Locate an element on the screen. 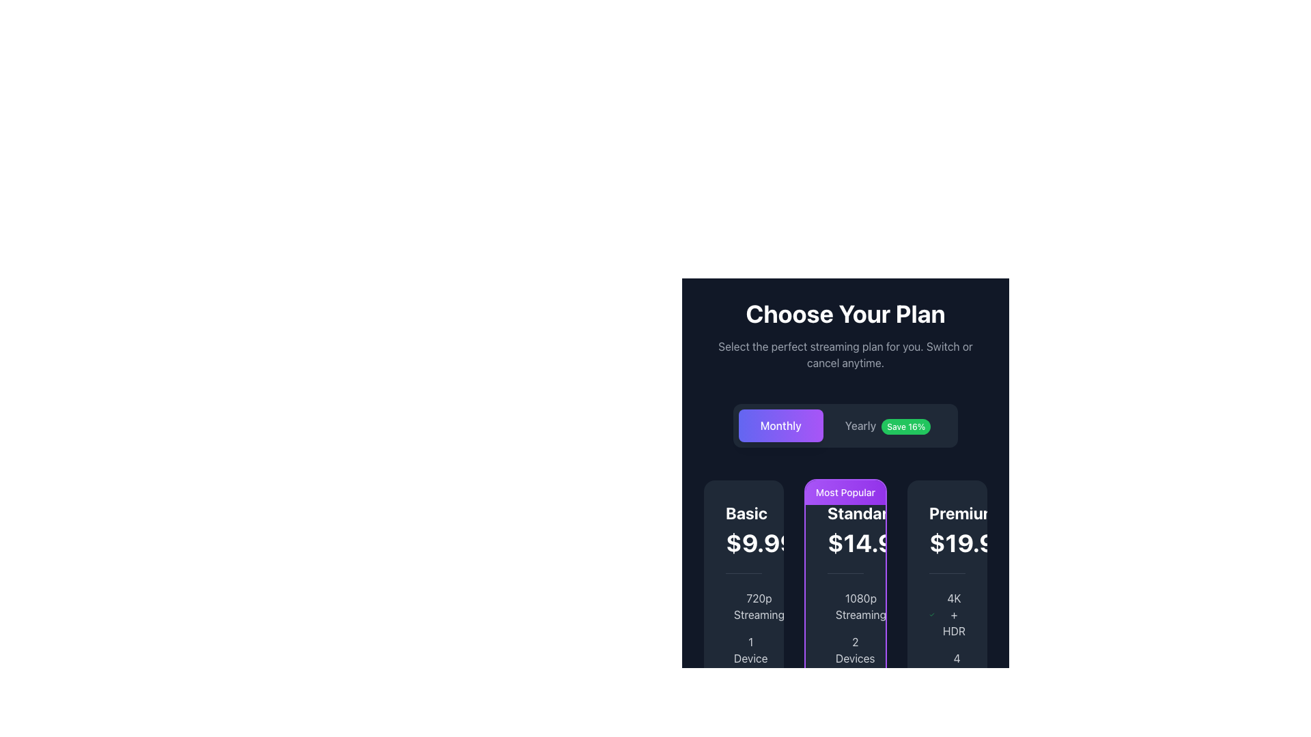  the green rectangular badge with white text that reads 'Save 16%', which is positioned to the right of the 'Yearly' button is located at coordinates (906, 426).